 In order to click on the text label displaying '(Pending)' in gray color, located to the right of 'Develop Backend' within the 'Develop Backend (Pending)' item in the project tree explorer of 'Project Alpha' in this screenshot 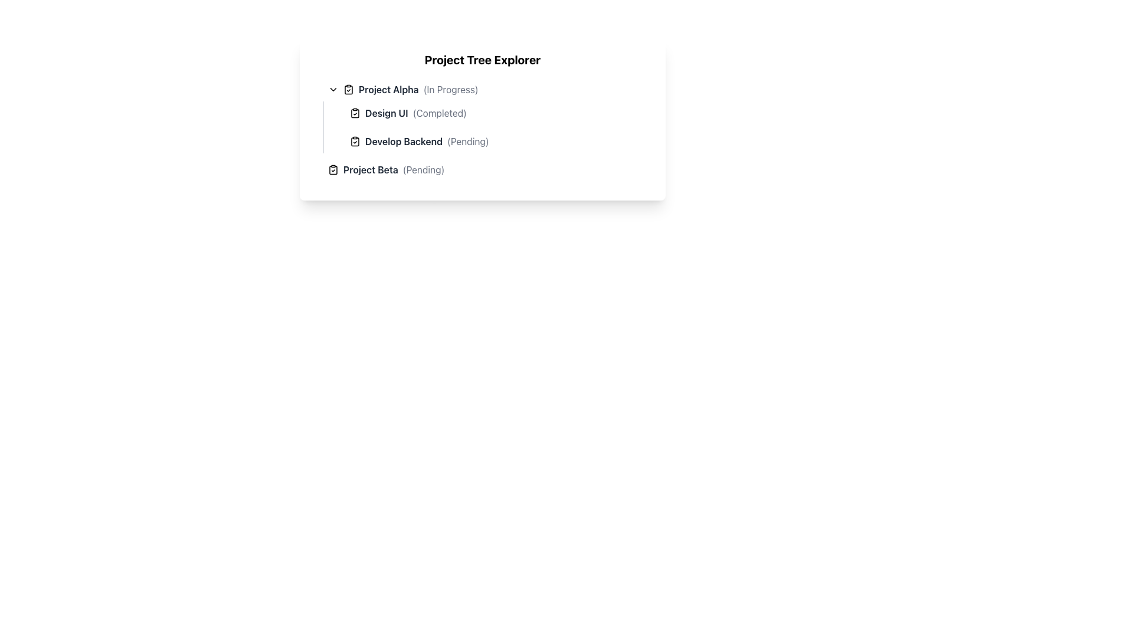, I will do `click(467, 140)`.